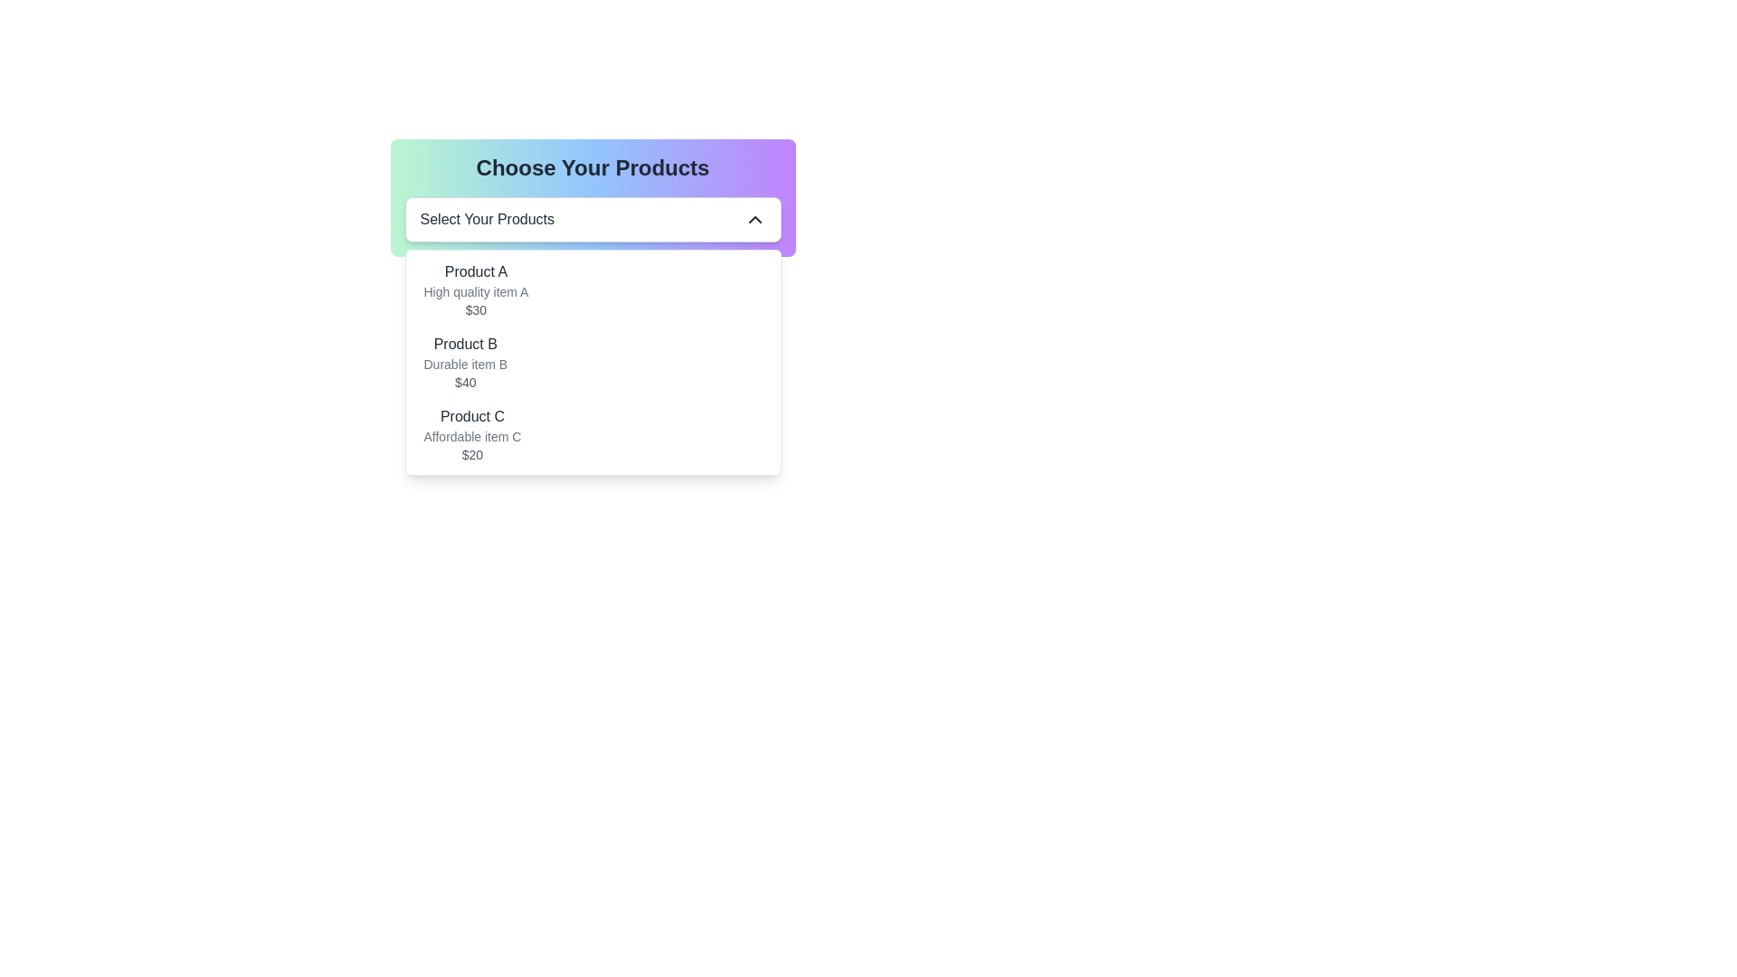 The height and width of the screenshot is (977, 1737). What do you see at coordinates (755, 219) in the screenshot?
I see `the upward-pointing chevron icon located on the far right side of the 'Select Your Products' dropdown interface to trigger any possible visual feedback` at bounding box center [755, 219].